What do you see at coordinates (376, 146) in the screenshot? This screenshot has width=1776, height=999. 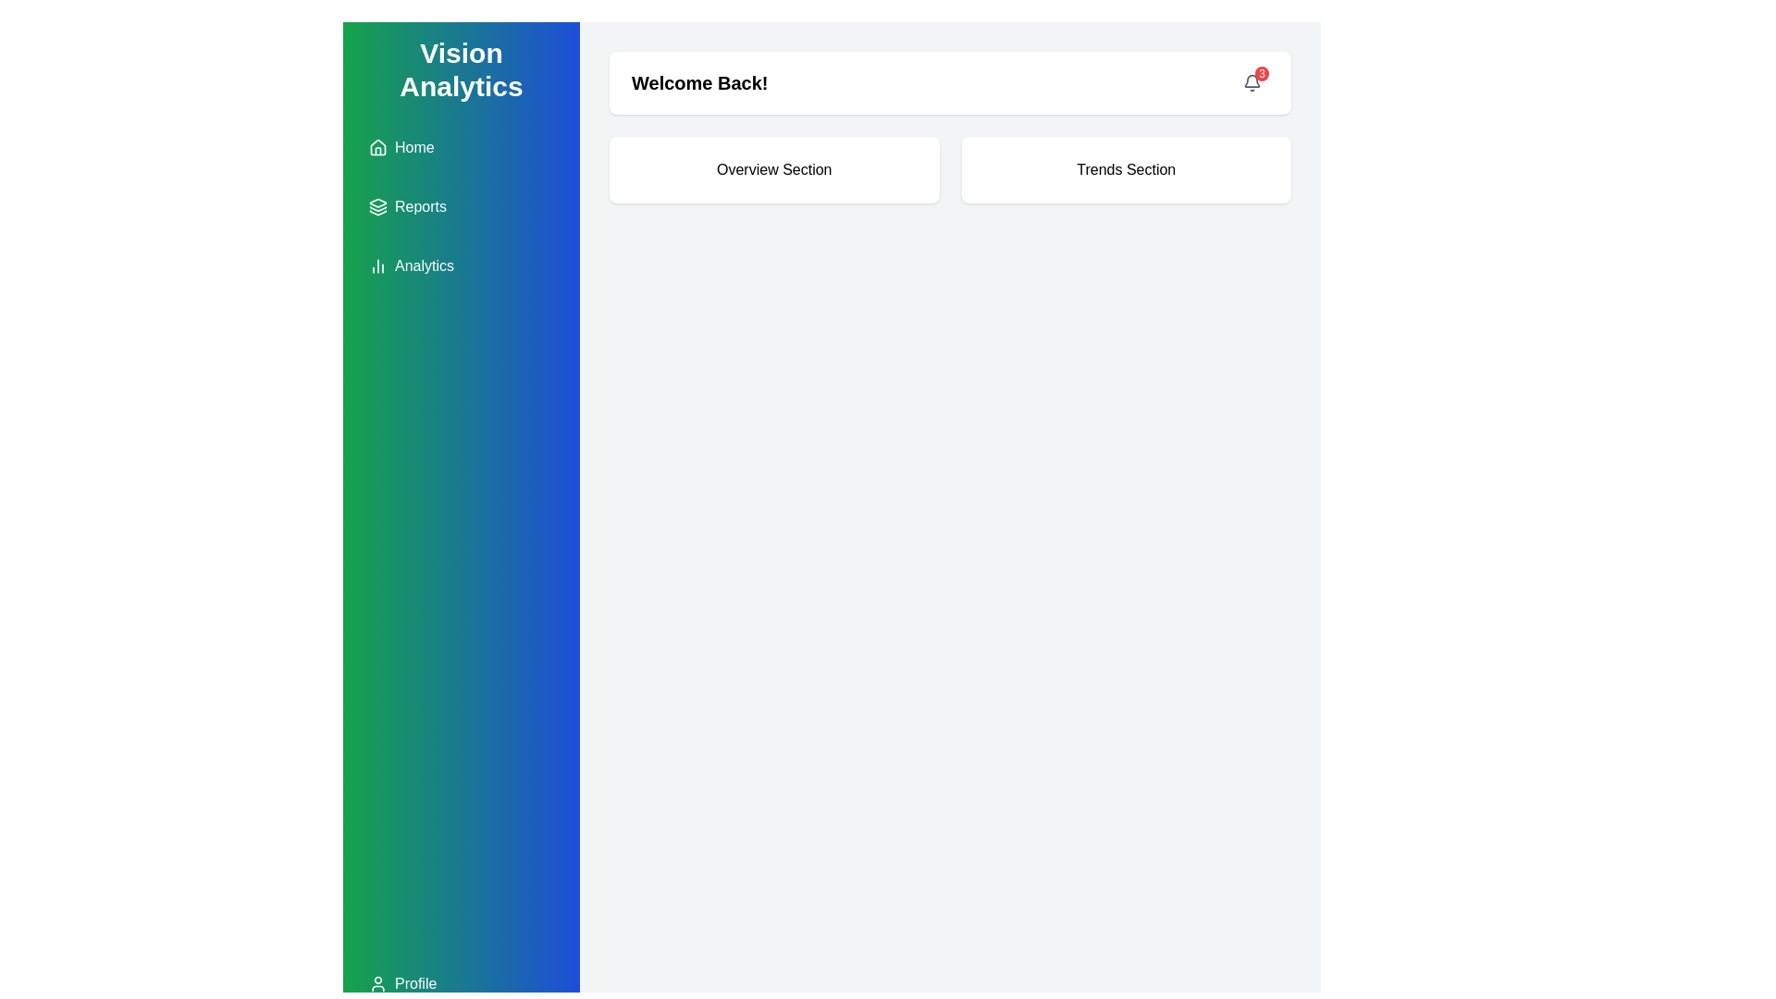 I see `the house icon located in the top section of the vertical menu on the left sidebar` at bounding box center [376, 146].